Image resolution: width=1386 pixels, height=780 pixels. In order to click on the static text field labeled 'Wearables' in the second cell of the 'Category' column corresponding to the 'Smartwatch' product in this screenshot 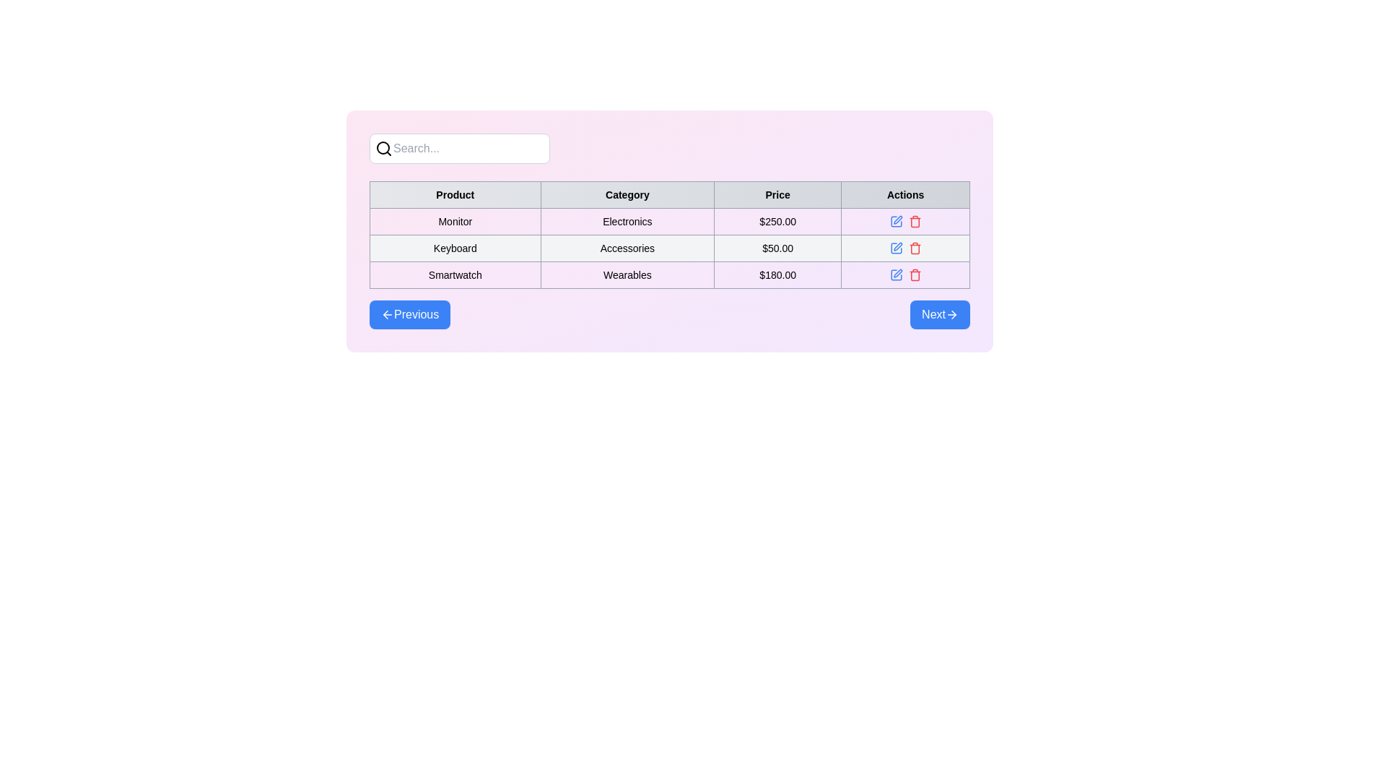, I will do `click(627, 275)`.